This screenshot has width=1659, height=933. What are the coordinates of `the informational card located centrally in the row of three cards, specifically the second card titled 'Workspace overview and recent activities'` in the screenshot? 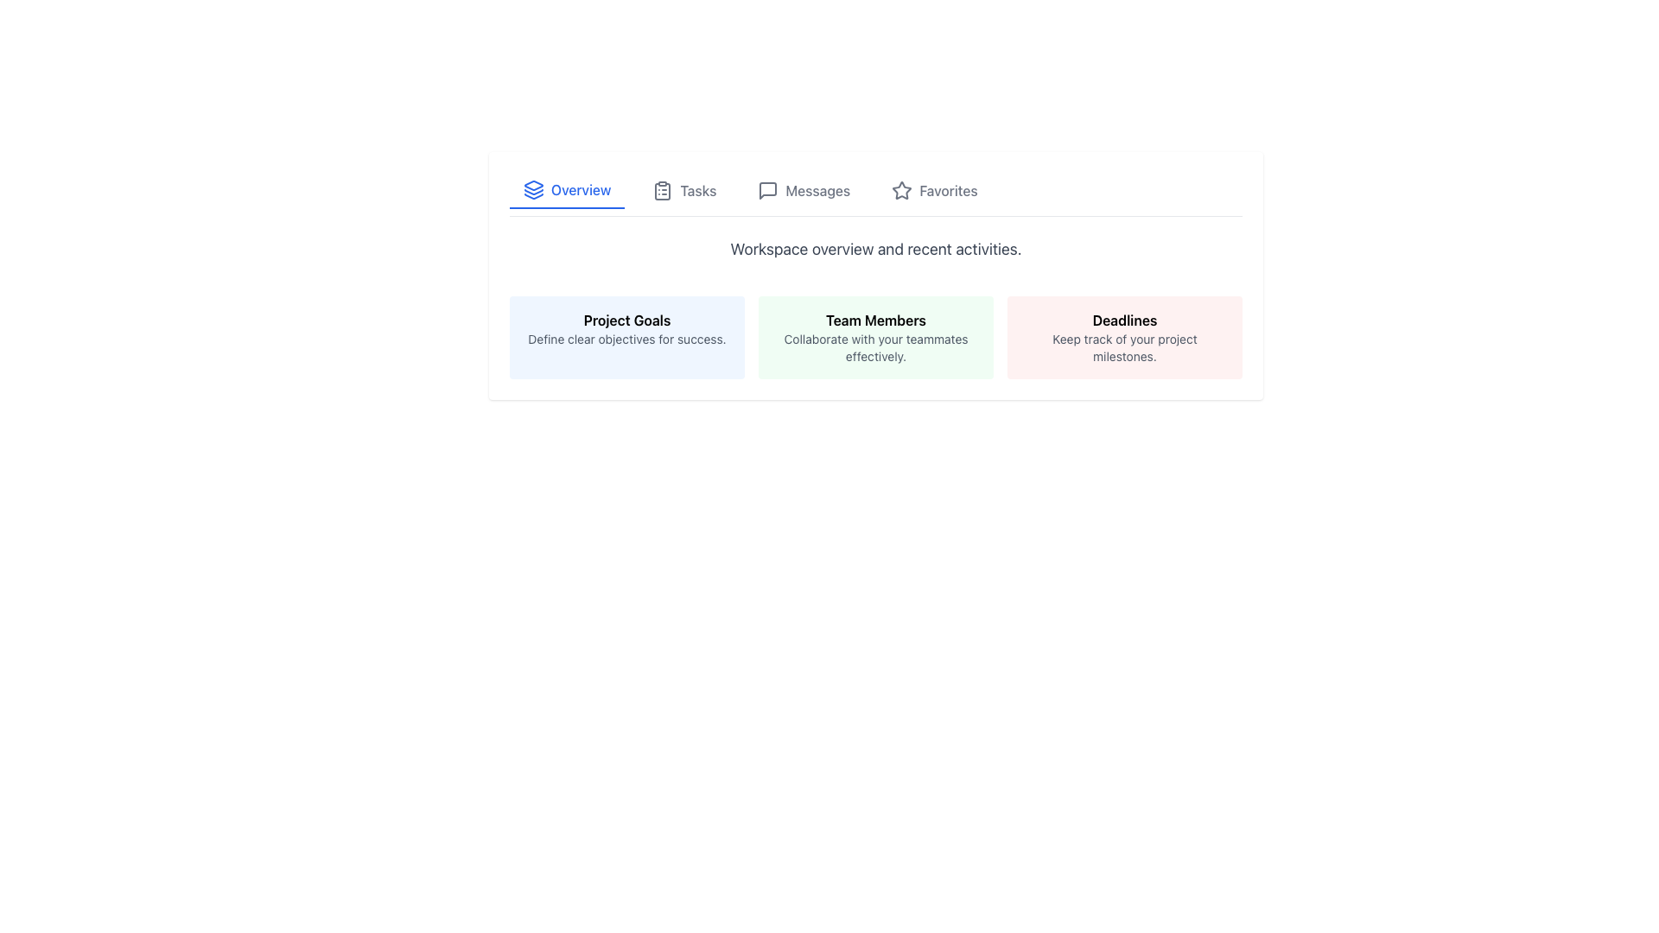 It's located at (875, 337).